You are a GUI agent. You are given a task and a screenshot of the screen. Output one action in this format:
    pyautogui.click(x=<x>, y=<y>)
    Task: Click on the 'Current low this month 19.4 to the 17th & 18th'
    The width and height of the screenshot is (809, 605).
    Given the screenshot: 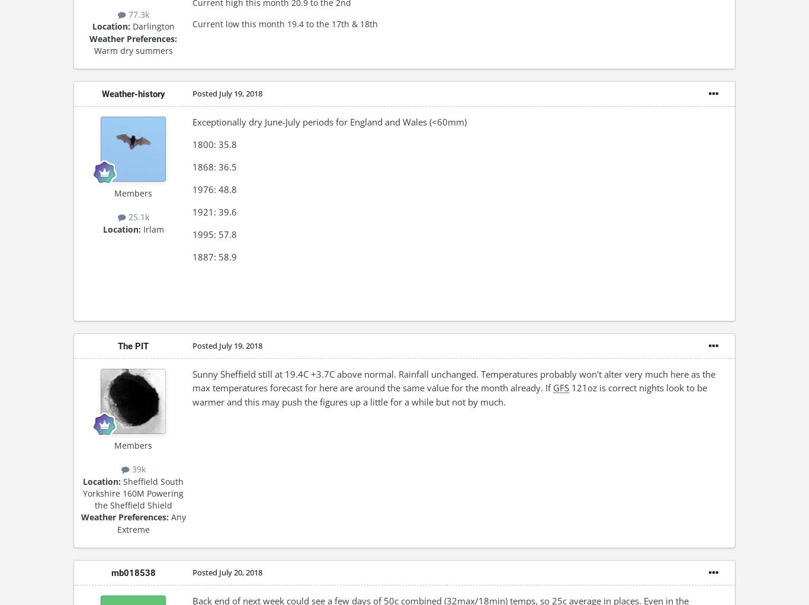 What is the action you would take?
    pyautogui.click(x=285, y=23)
    